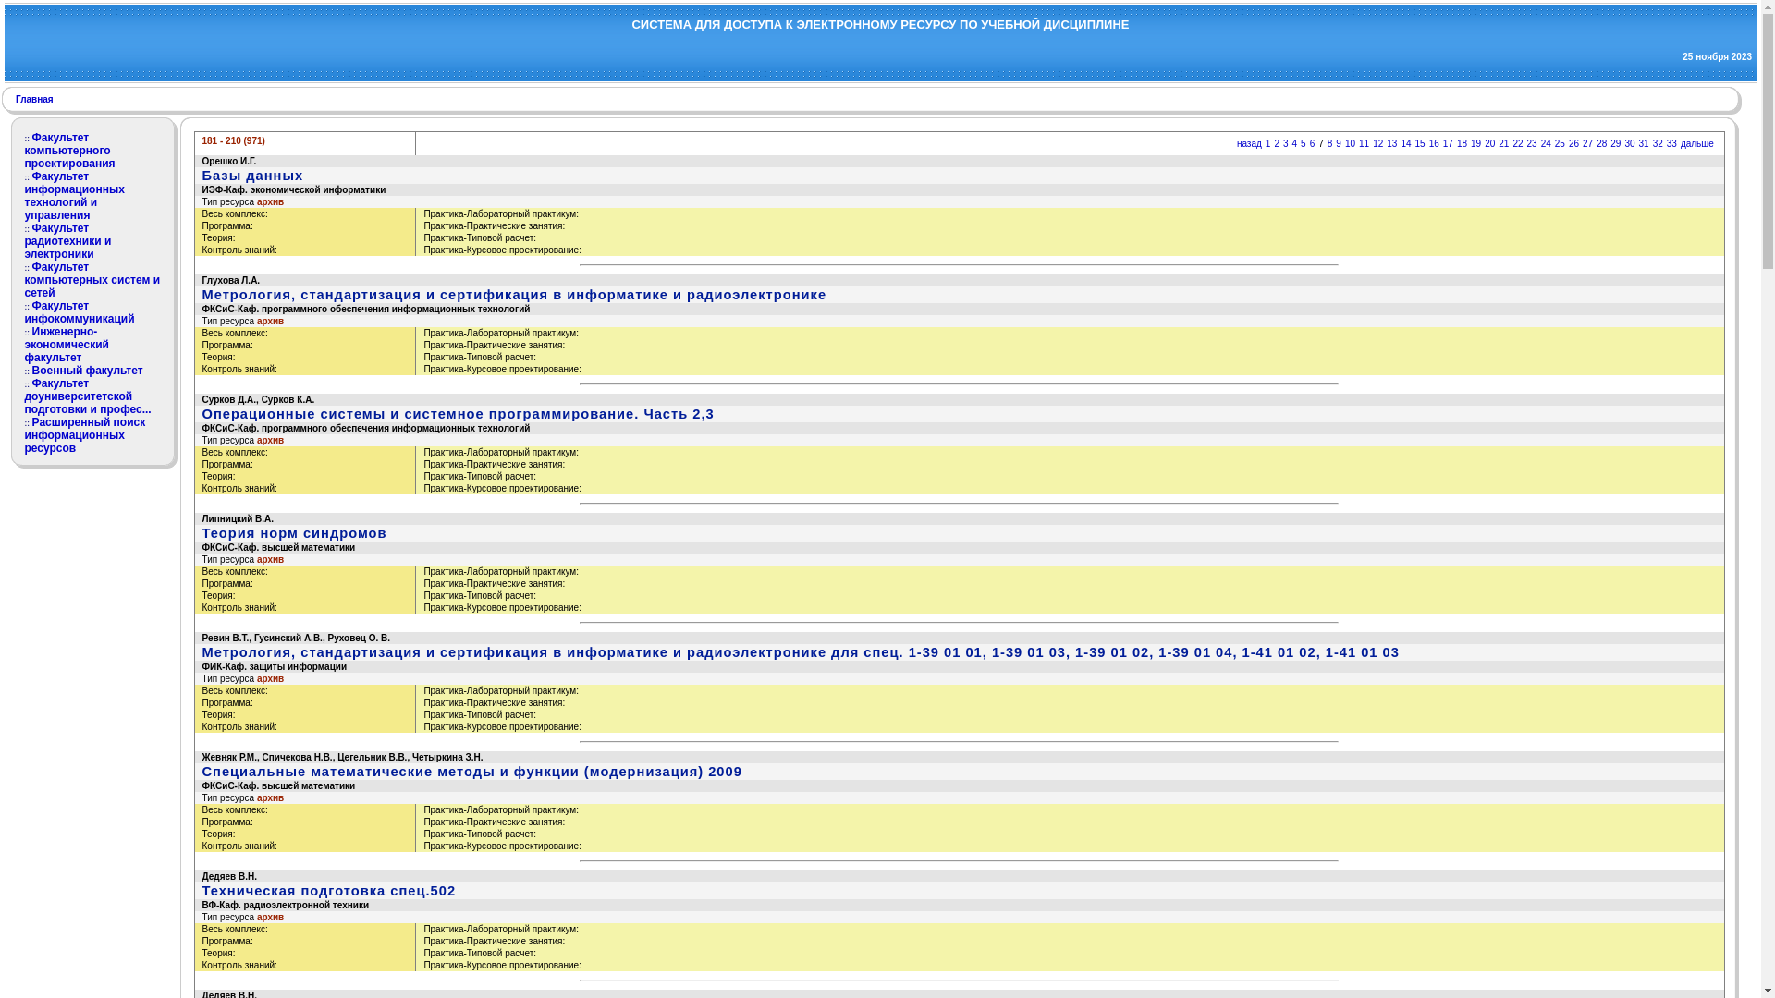  I want to click on '10', so click(1350, 142).